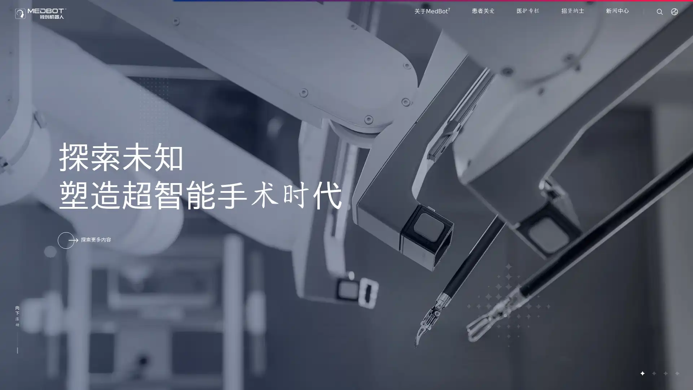 This screenshot has width=693, height=390. Describe the element at coordinates (653, 373) in the screenshot. I see `Go to slide 2` at that location.